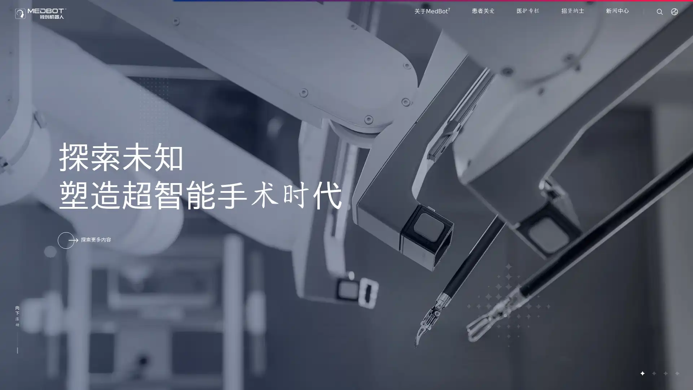 This screenshot has width=693, height=390. Describe the element at coordinates (653, 373) in the screenshot. I see `Go to slide 2` at that location.